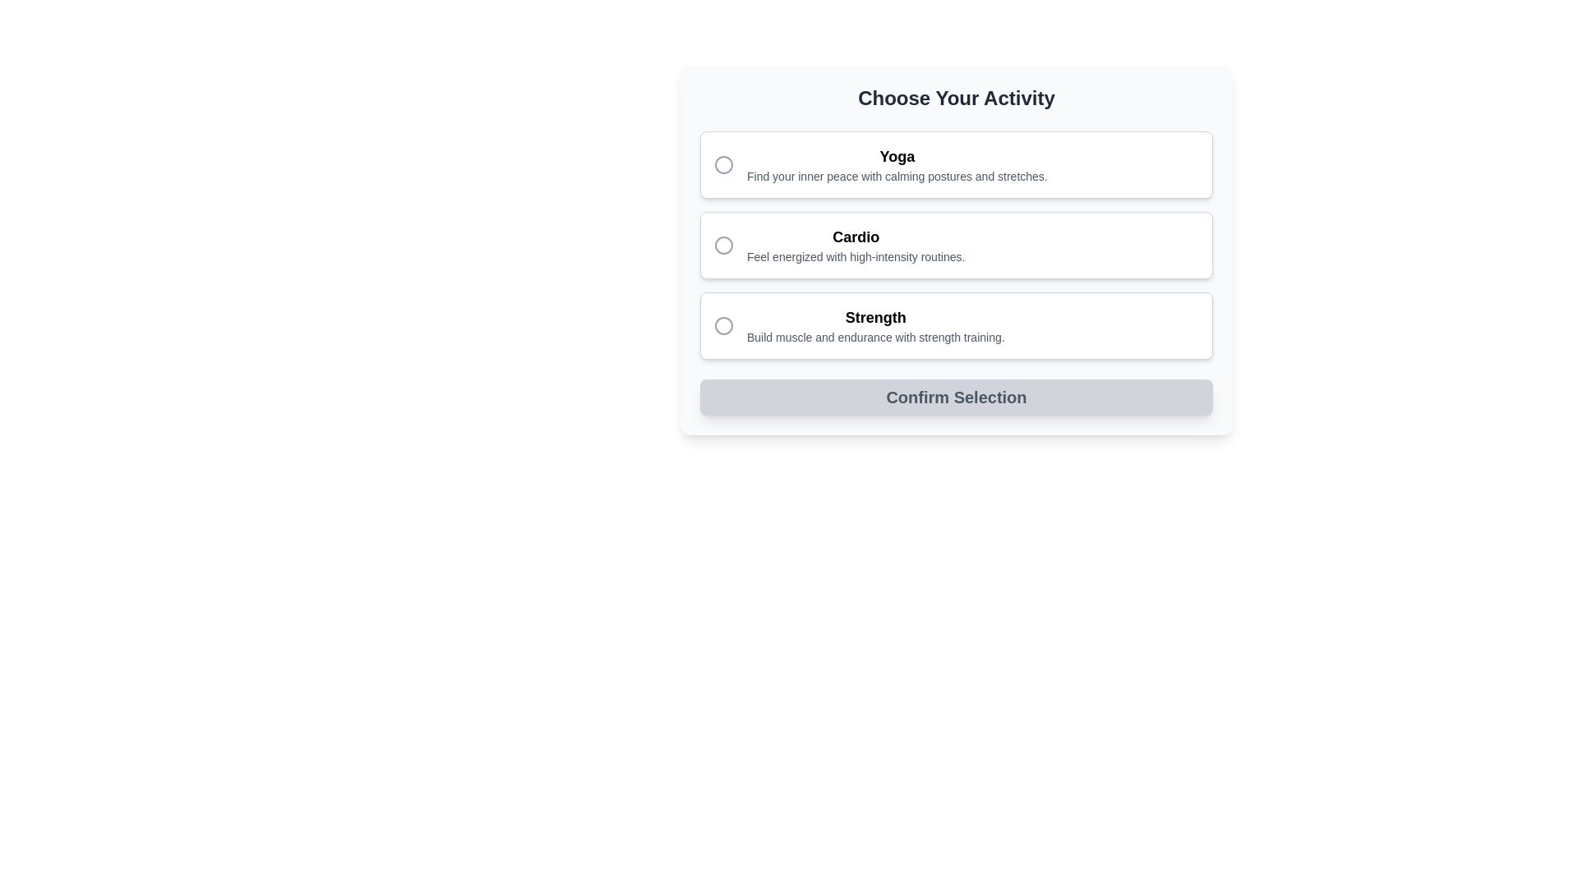  Describe the element at coordinates (956, 98) in the screenshot. I see `the header Text label that instructs the user to select an activity, positioned at the top center of its containing card structure` at that location.